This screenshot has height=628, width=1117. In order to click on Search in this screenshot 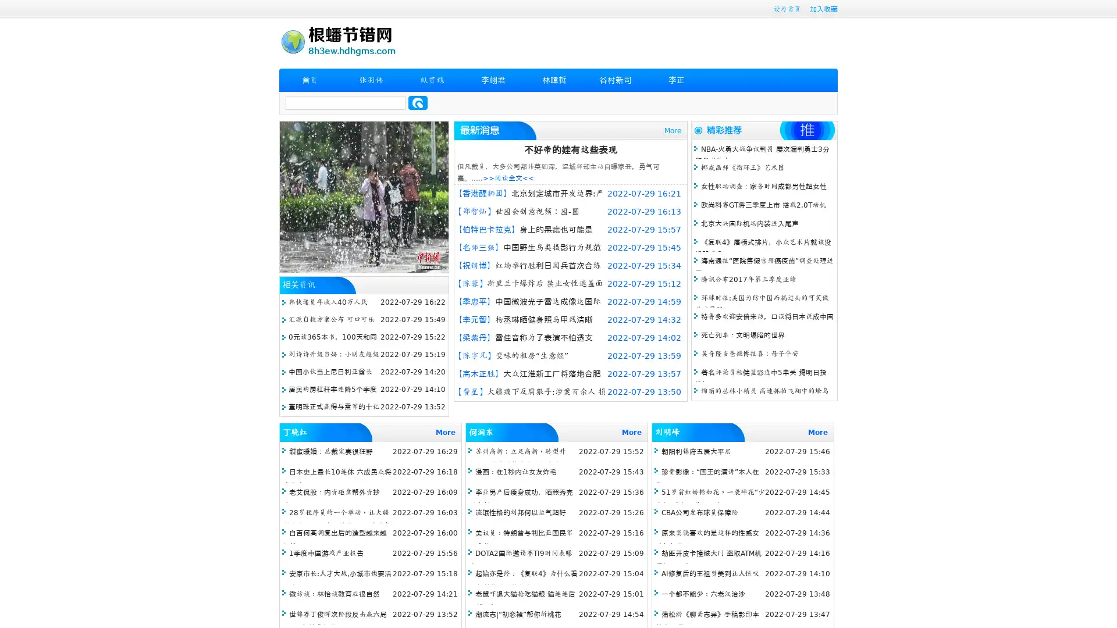, I will do `click(418, 102)`.